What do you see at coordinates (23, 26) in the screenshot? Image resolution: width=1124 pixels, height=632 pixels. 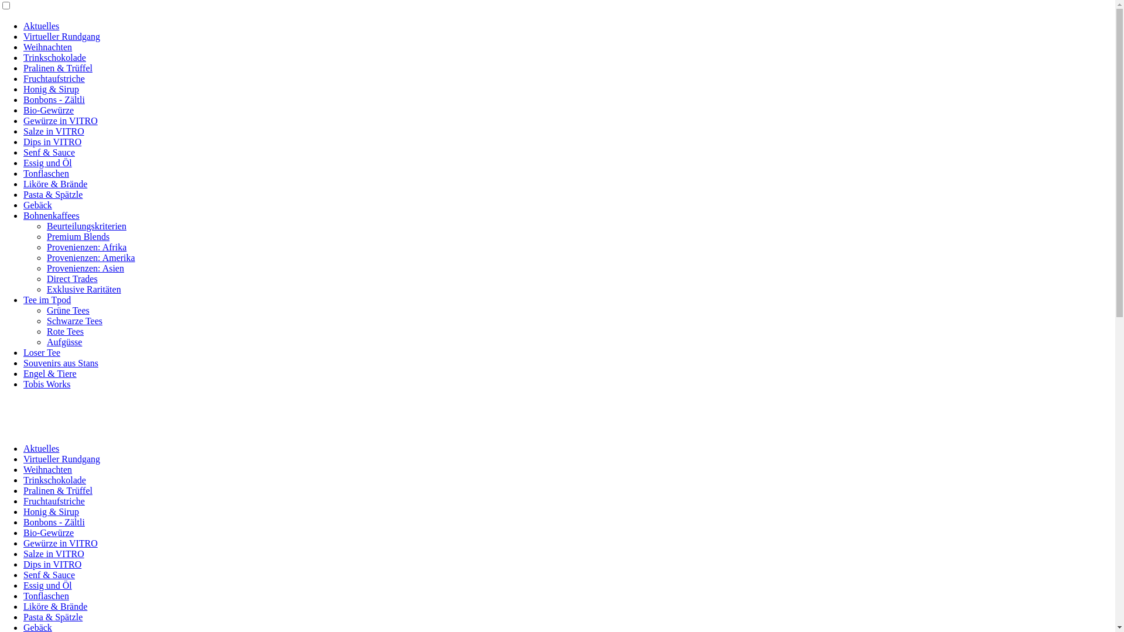 I see `'Aktuelles'` at bounding box center [23, 26].